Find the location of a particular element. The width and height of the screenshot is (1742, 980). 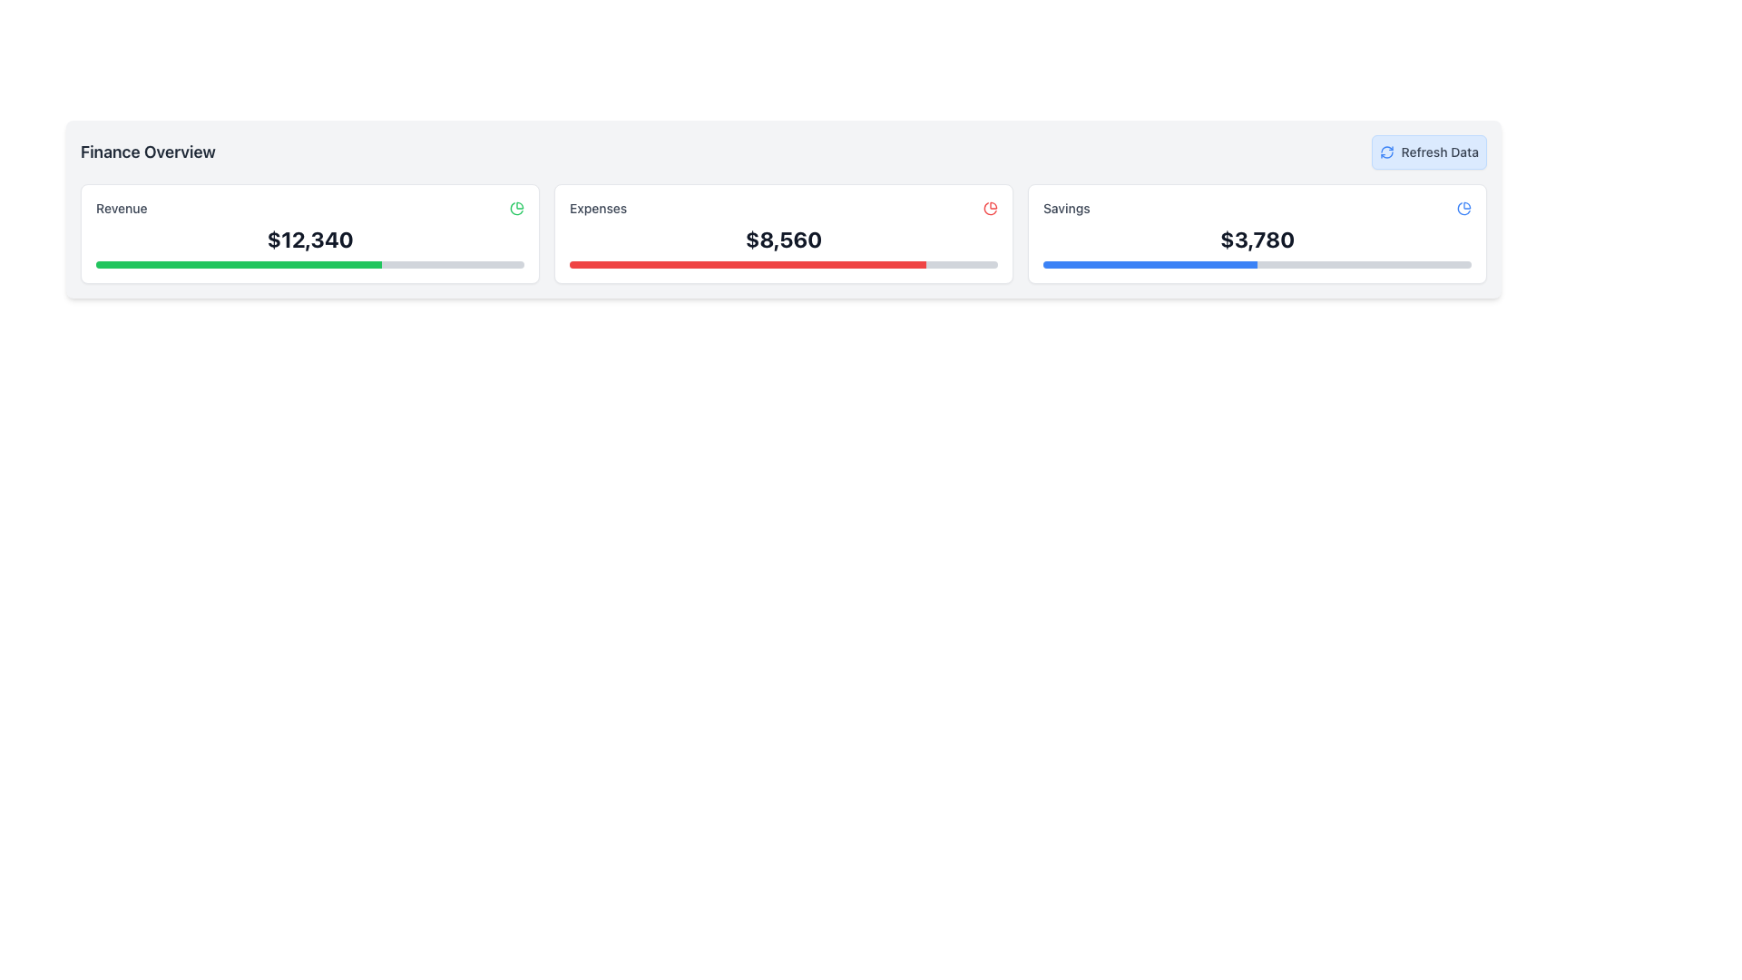

the icon representing graphical insights in the 'Revenue' section, located towards the right end of the header row of the first card displaying 'Revenue' data is located at coordinates (516, 208).